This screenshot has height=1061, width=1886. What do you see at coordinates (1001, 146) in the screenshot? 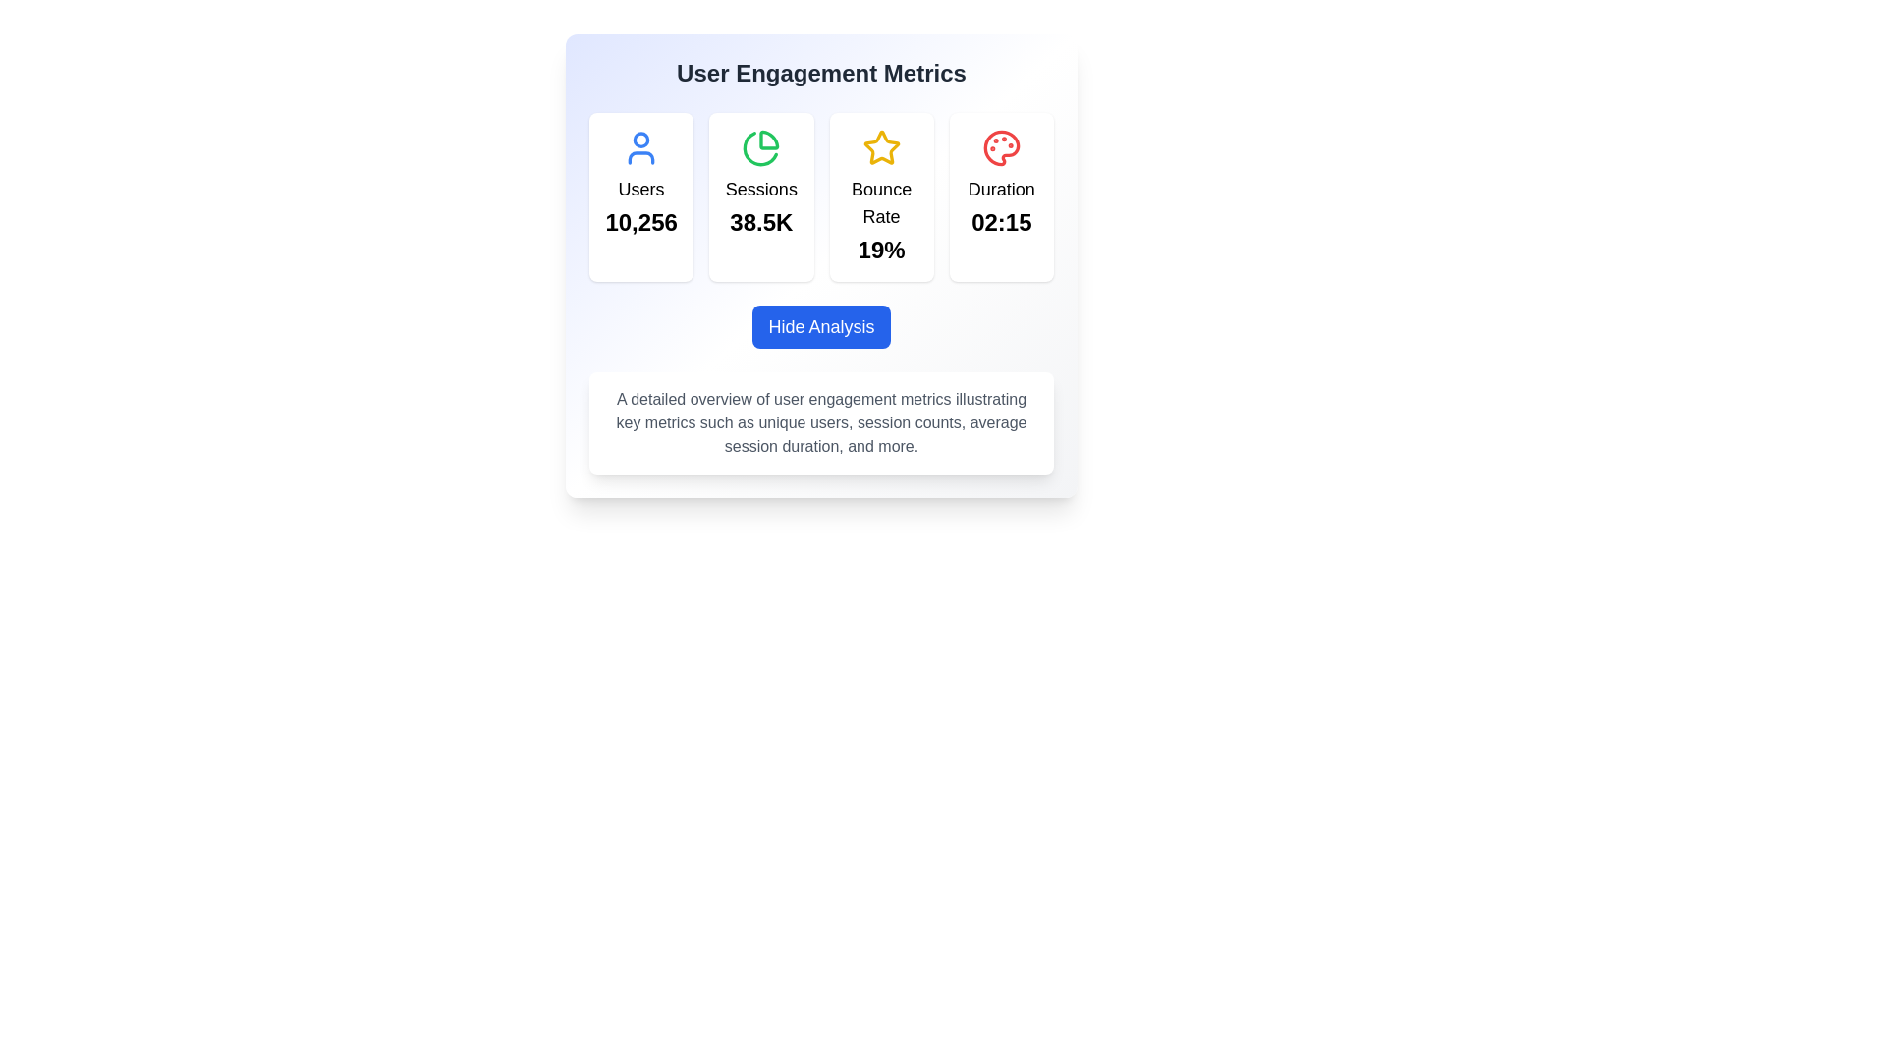
I see `the icon representing the 'Duration' metric located at the top center of the fourth card under 'User Engagement Metrics'` at bounding box center [1001, 146].